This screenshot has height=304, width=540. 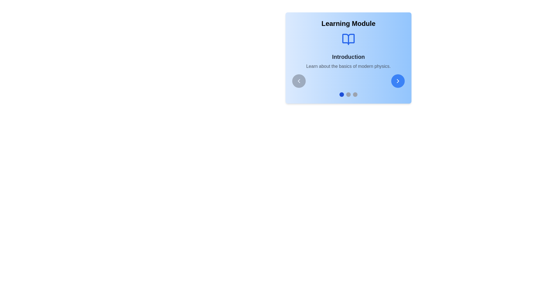 I want to click on the third circular indicator button with a gray background in the carousel or stepper control located at the bottom center of the 'Learning Module' panel, so click(x=355, y=94).